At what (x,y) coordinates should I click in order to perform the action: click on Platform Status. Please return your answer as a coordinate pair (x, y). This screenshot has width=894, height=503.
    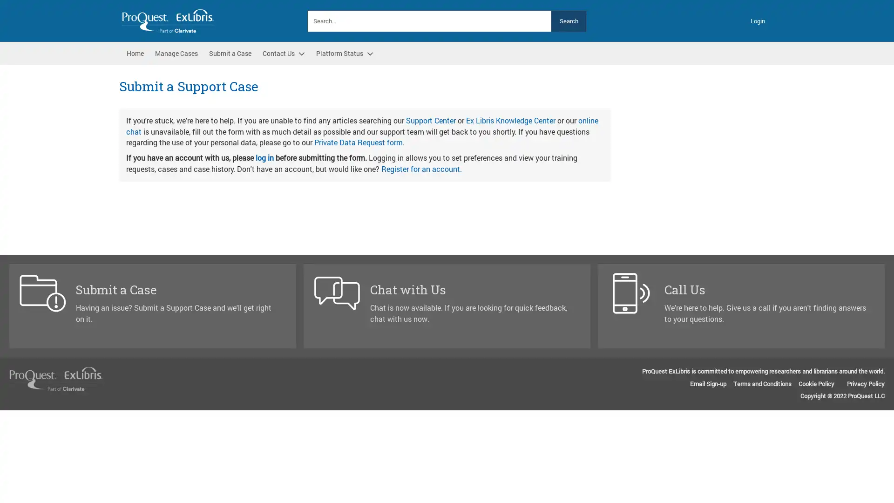
    Looking at the image, I should click on (344, 53).